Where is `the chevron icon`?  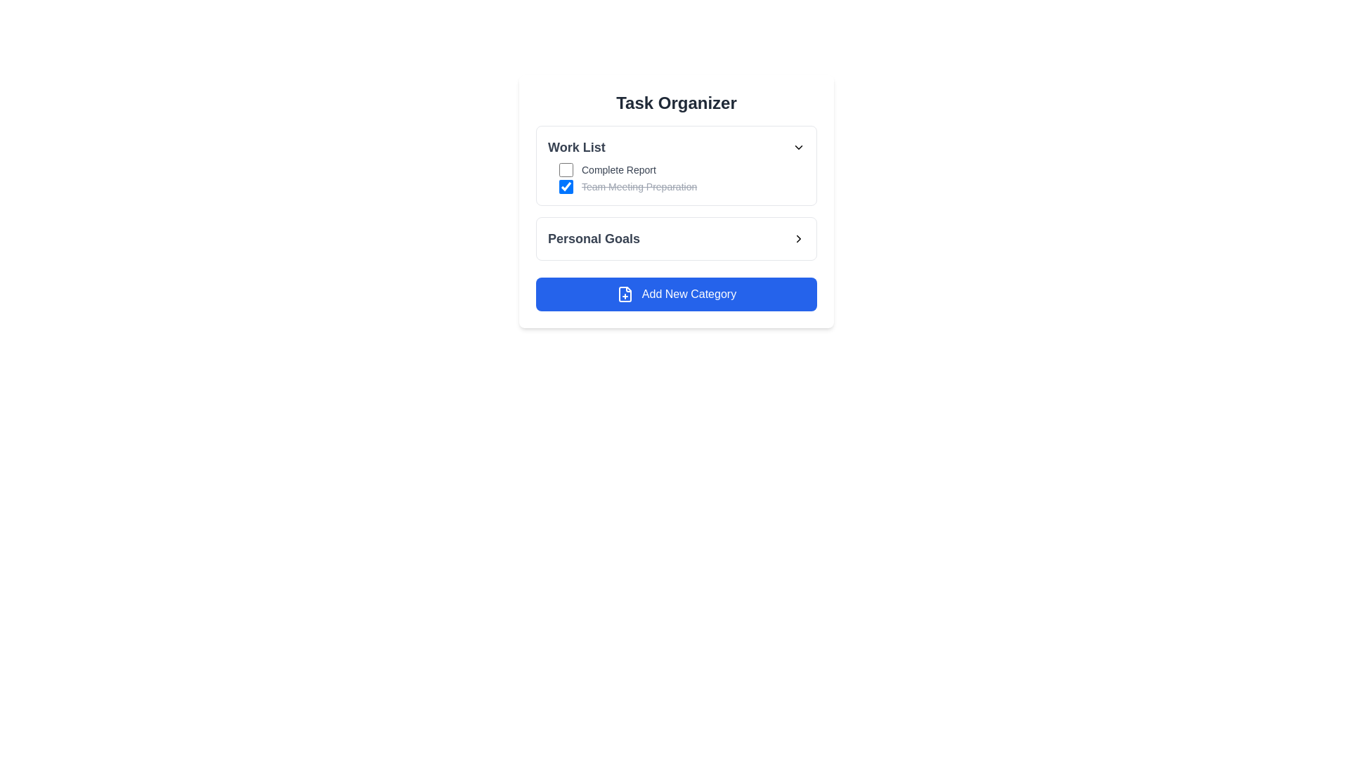
the chevron icon is located at coordinates (799, 238).